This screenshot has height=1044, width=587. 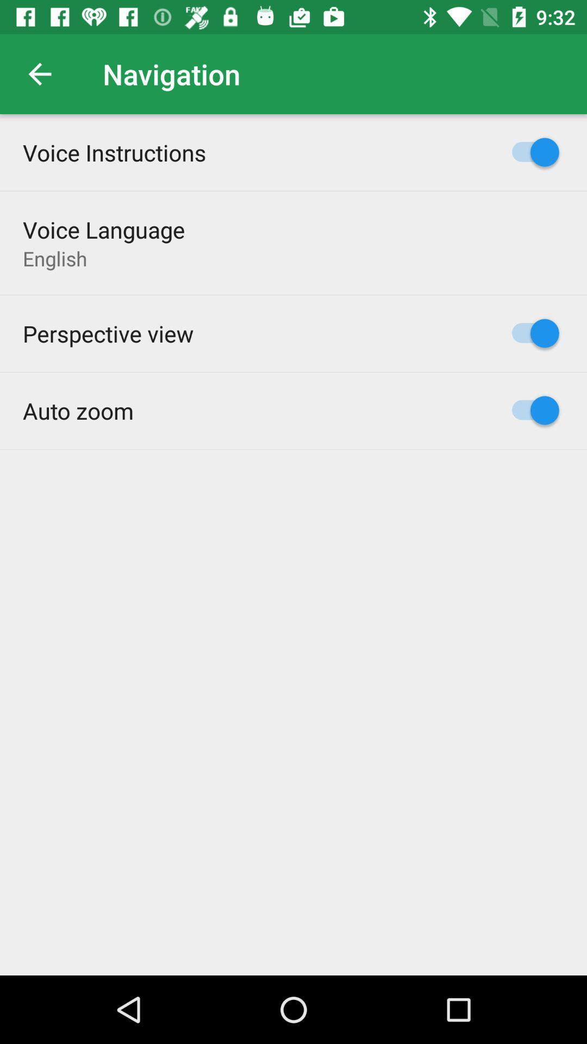 What do you see at coordinates (114, 152) in the screenshot?
I see `voice instructions` at bounding box center [114, 152].